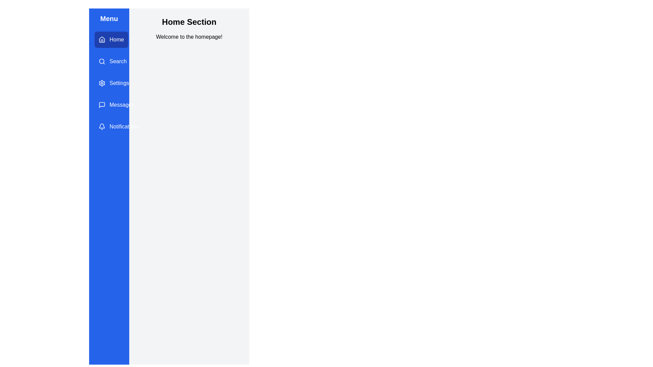 The height and width of the screenshot is (367, 653). What do you see at coordinates (109, 39) in the screenshot?
I see `the 'Home' button with a house-shaped icon located at the top of the vertical navigation menu` at bounding box center [109, 39].